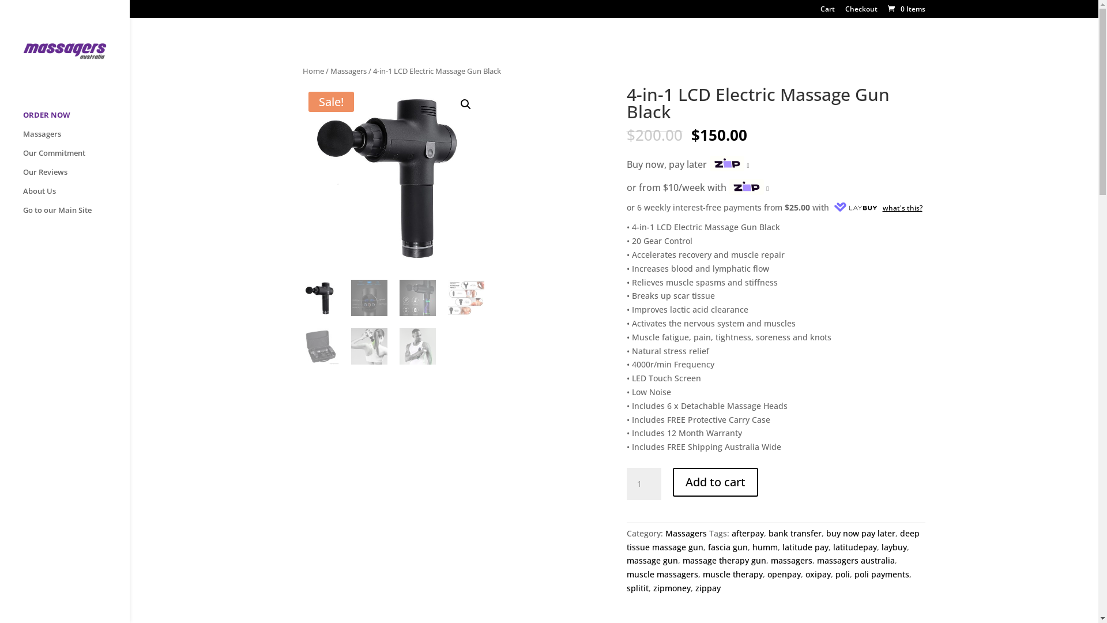  Describe the element at coordinates (845, 12) in the screenshot. I see `'Checkout'` at that location.